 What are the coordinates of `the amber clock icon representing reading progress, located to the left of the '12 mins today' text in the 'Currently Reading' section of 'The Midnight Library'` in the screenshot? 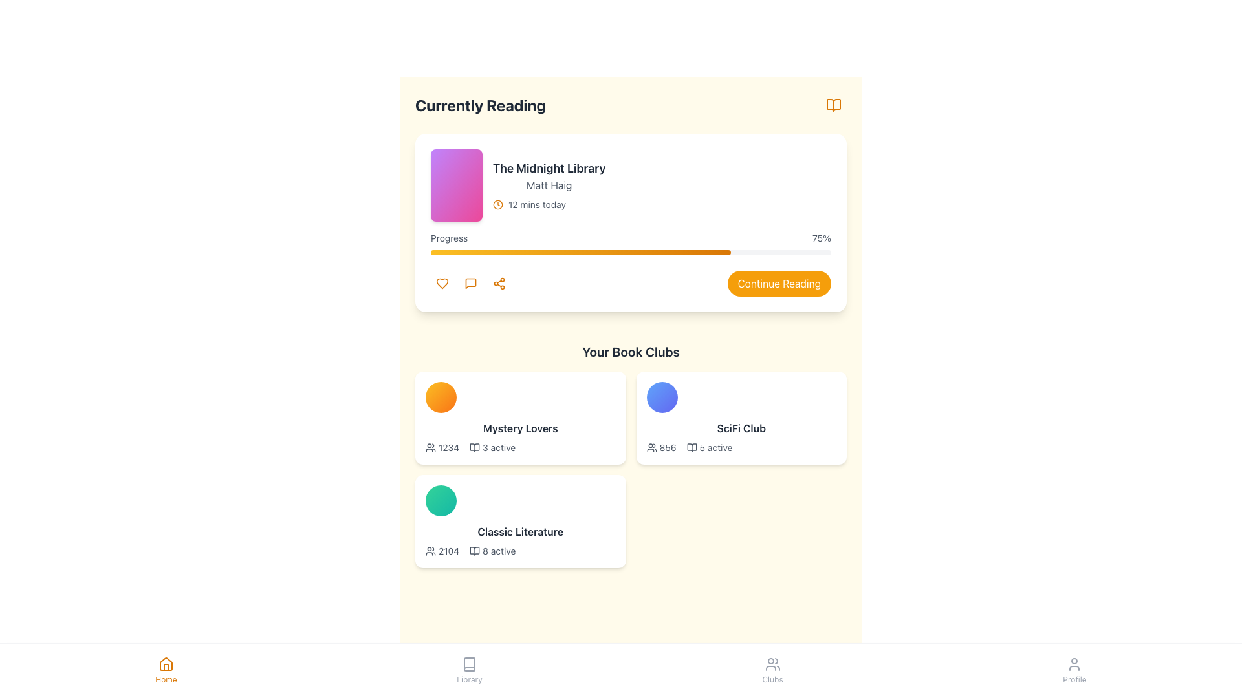 It's located at (497, 204).